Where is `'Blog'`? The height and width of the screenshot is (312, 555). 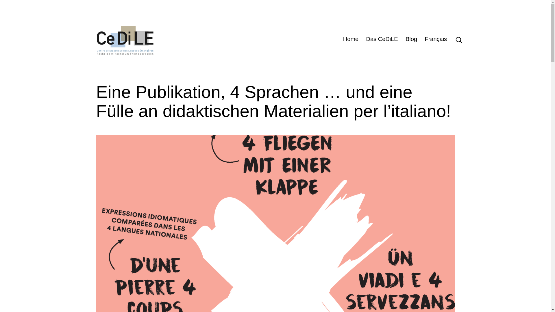 'Blog' is located at coordinates (411, 40).